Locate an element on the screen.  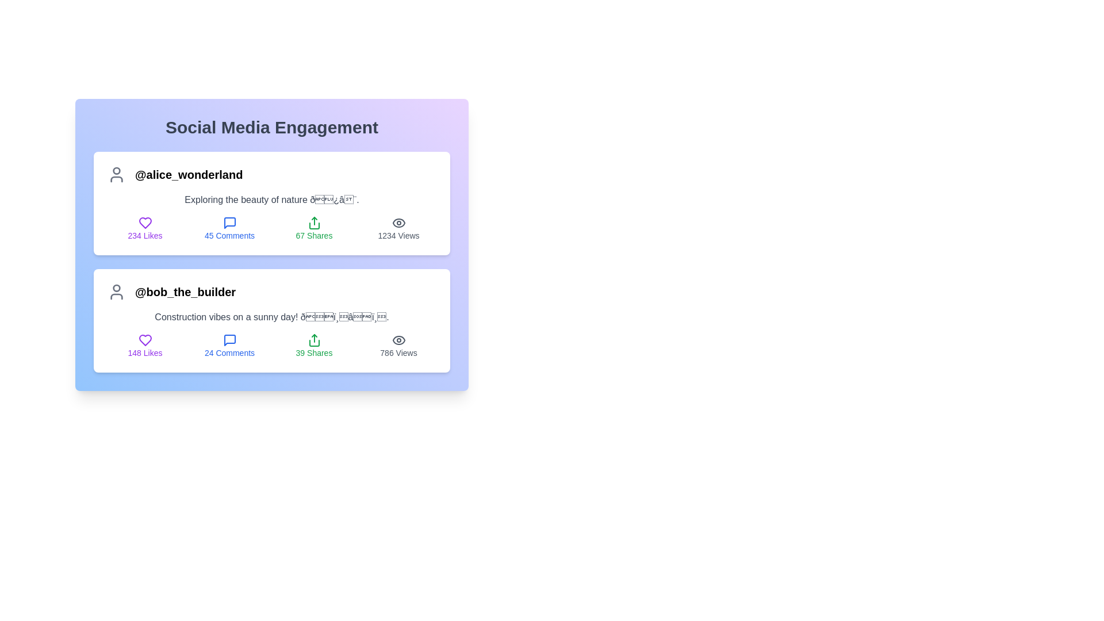
the eye icon located in the 'Social Media Engagement' card, adjacent to the text '1234 Views' is located at coordinates (398, 223).